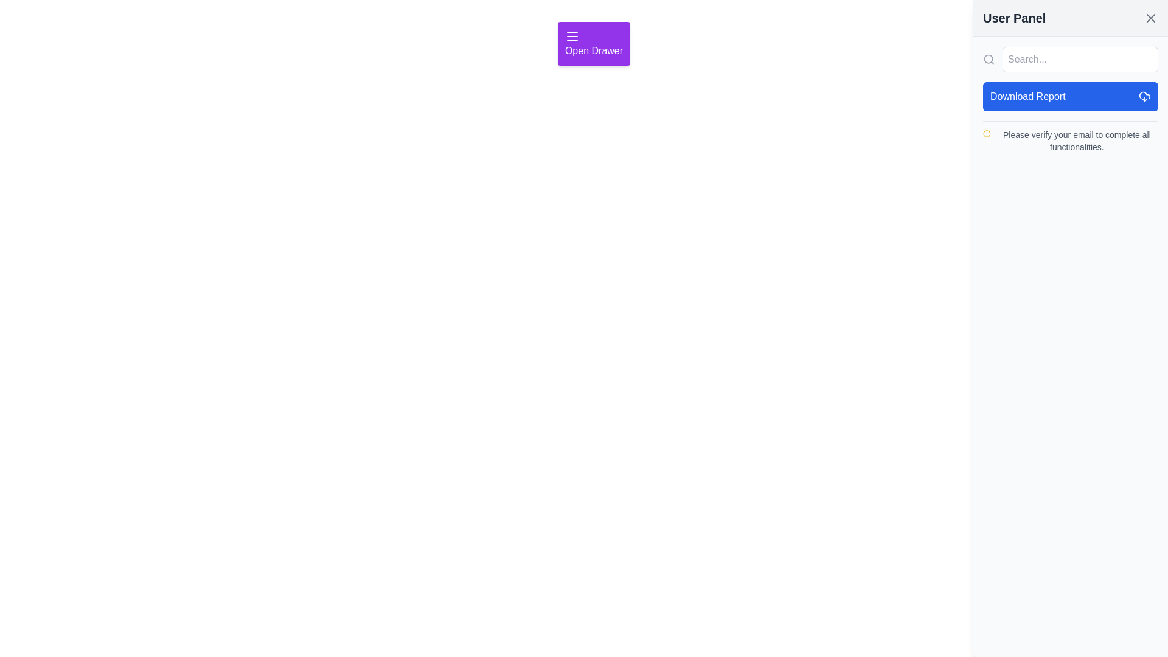 The height and width of the screenshot is (657, 1168). Describe the element at coordinates (1071, 96) in the screenshot. I see `the button labeled 'Download Report' with a blue background located in the right-side panel beneath the 'Search...' input field` at that location.